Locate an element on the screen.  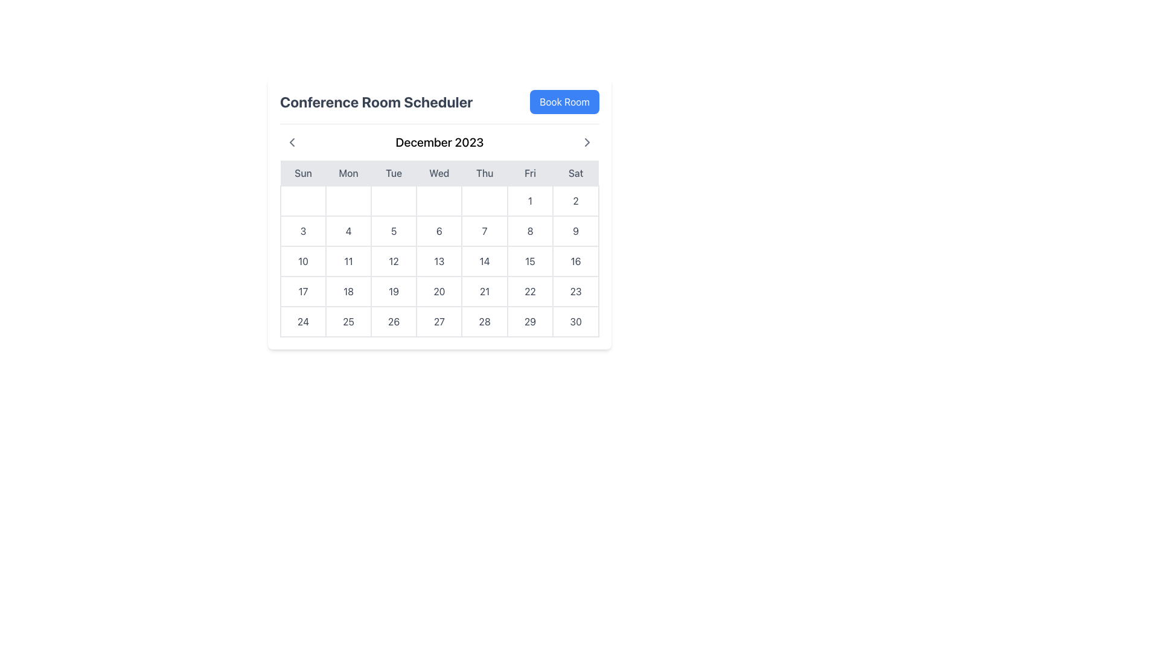
the first grid cell under the 'Sun' column in the calendar layout is located at coordinates (303, 200).